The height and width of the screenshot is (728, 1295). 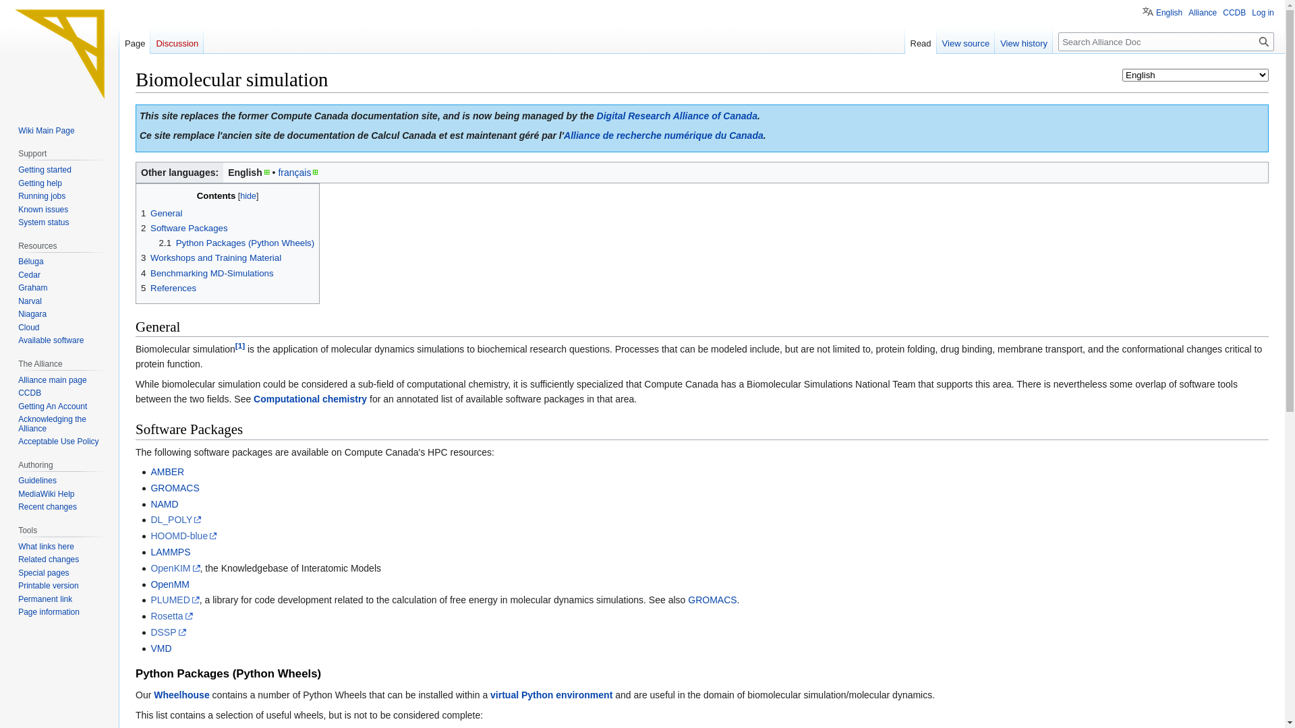 What do you see at coordinates (183, 227) in the screenshot?
I see `'2 Software Packages'` at bounding box center [183, 227].